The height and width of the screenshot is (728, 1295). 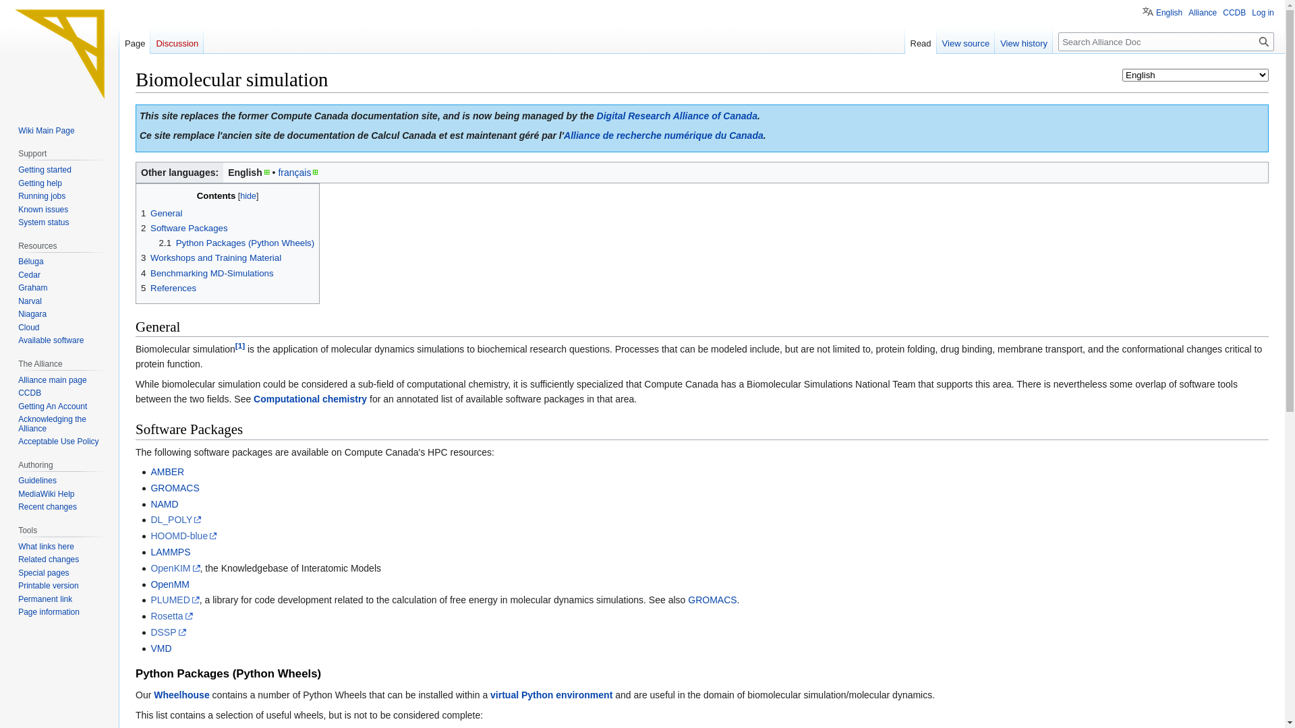 What do you see at coordinates (183, 227) in the screenshot?
I see `'2 Software Packages'` at bounding box center [183, 227].